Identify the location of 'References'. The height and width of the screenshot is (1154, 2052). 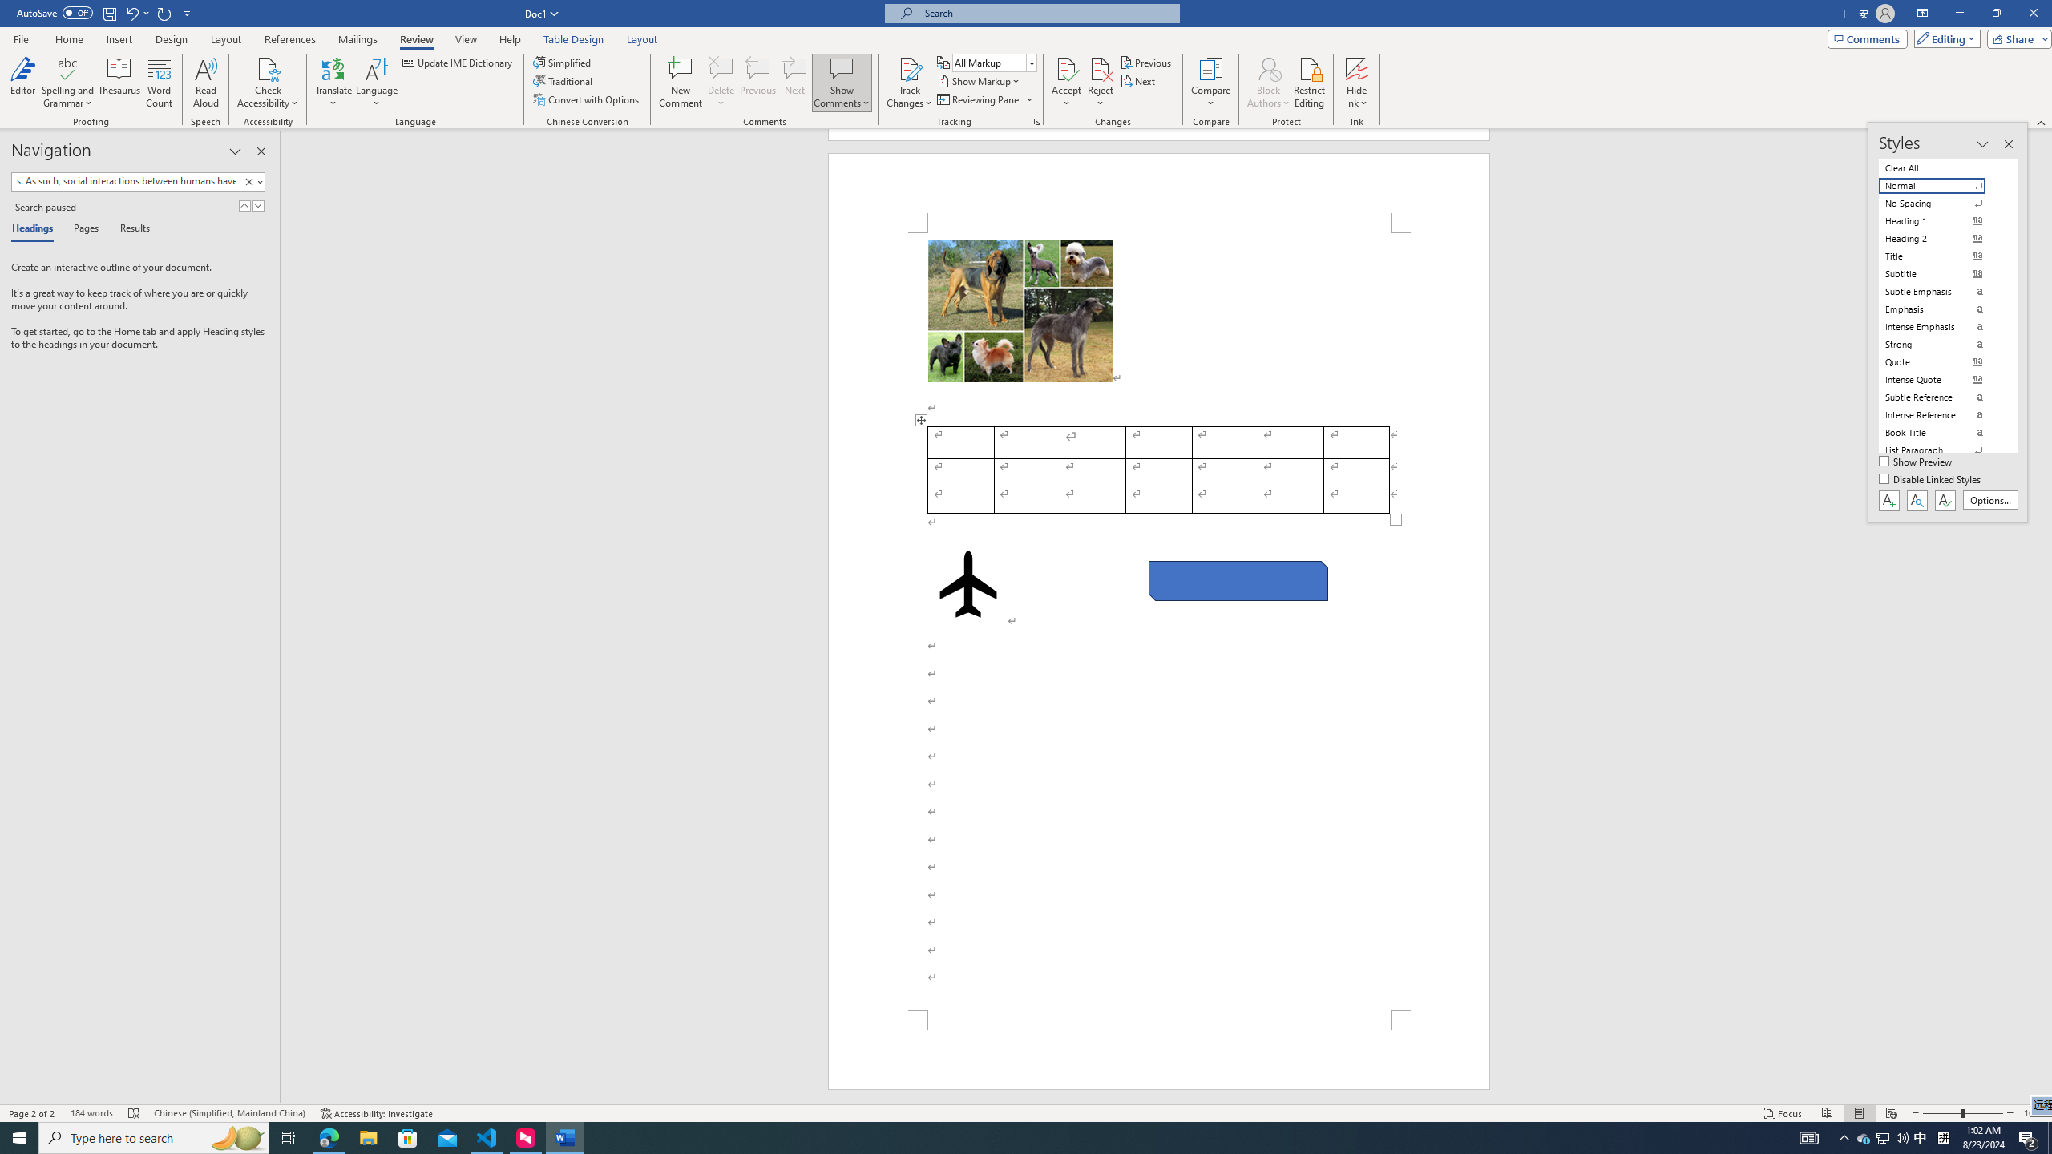
(290, 39).